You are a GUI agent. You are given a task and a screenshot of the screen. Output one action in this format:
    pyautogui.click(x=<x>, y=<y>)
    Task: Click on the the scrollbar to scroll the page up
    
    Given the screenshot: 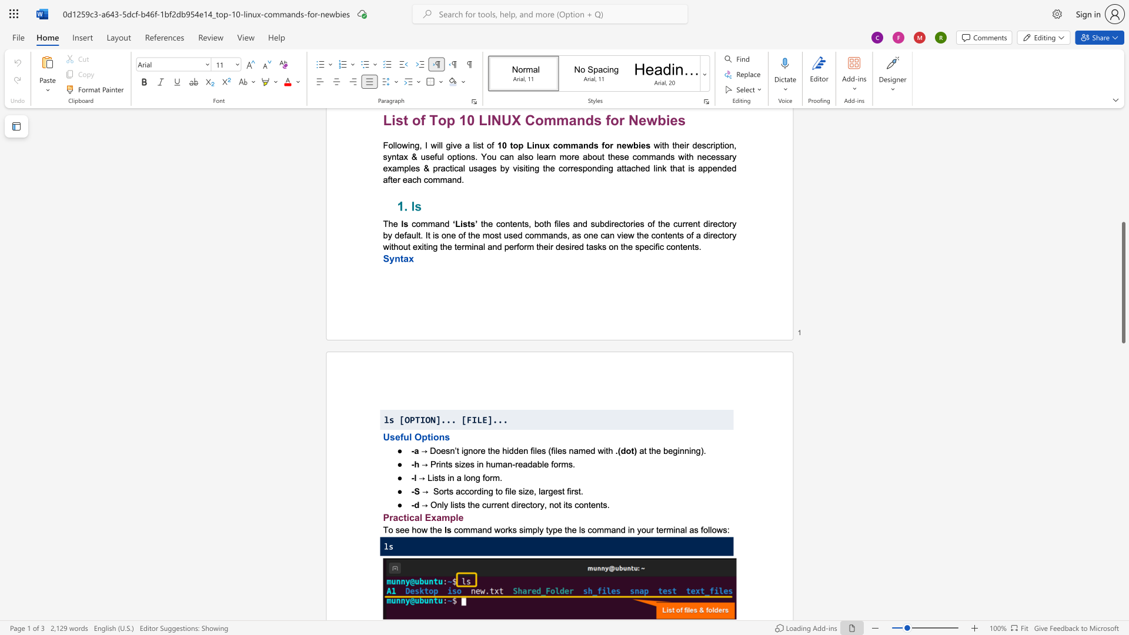 What is the action you would take?
    pyautogui.click(x=1123, y=258)
    